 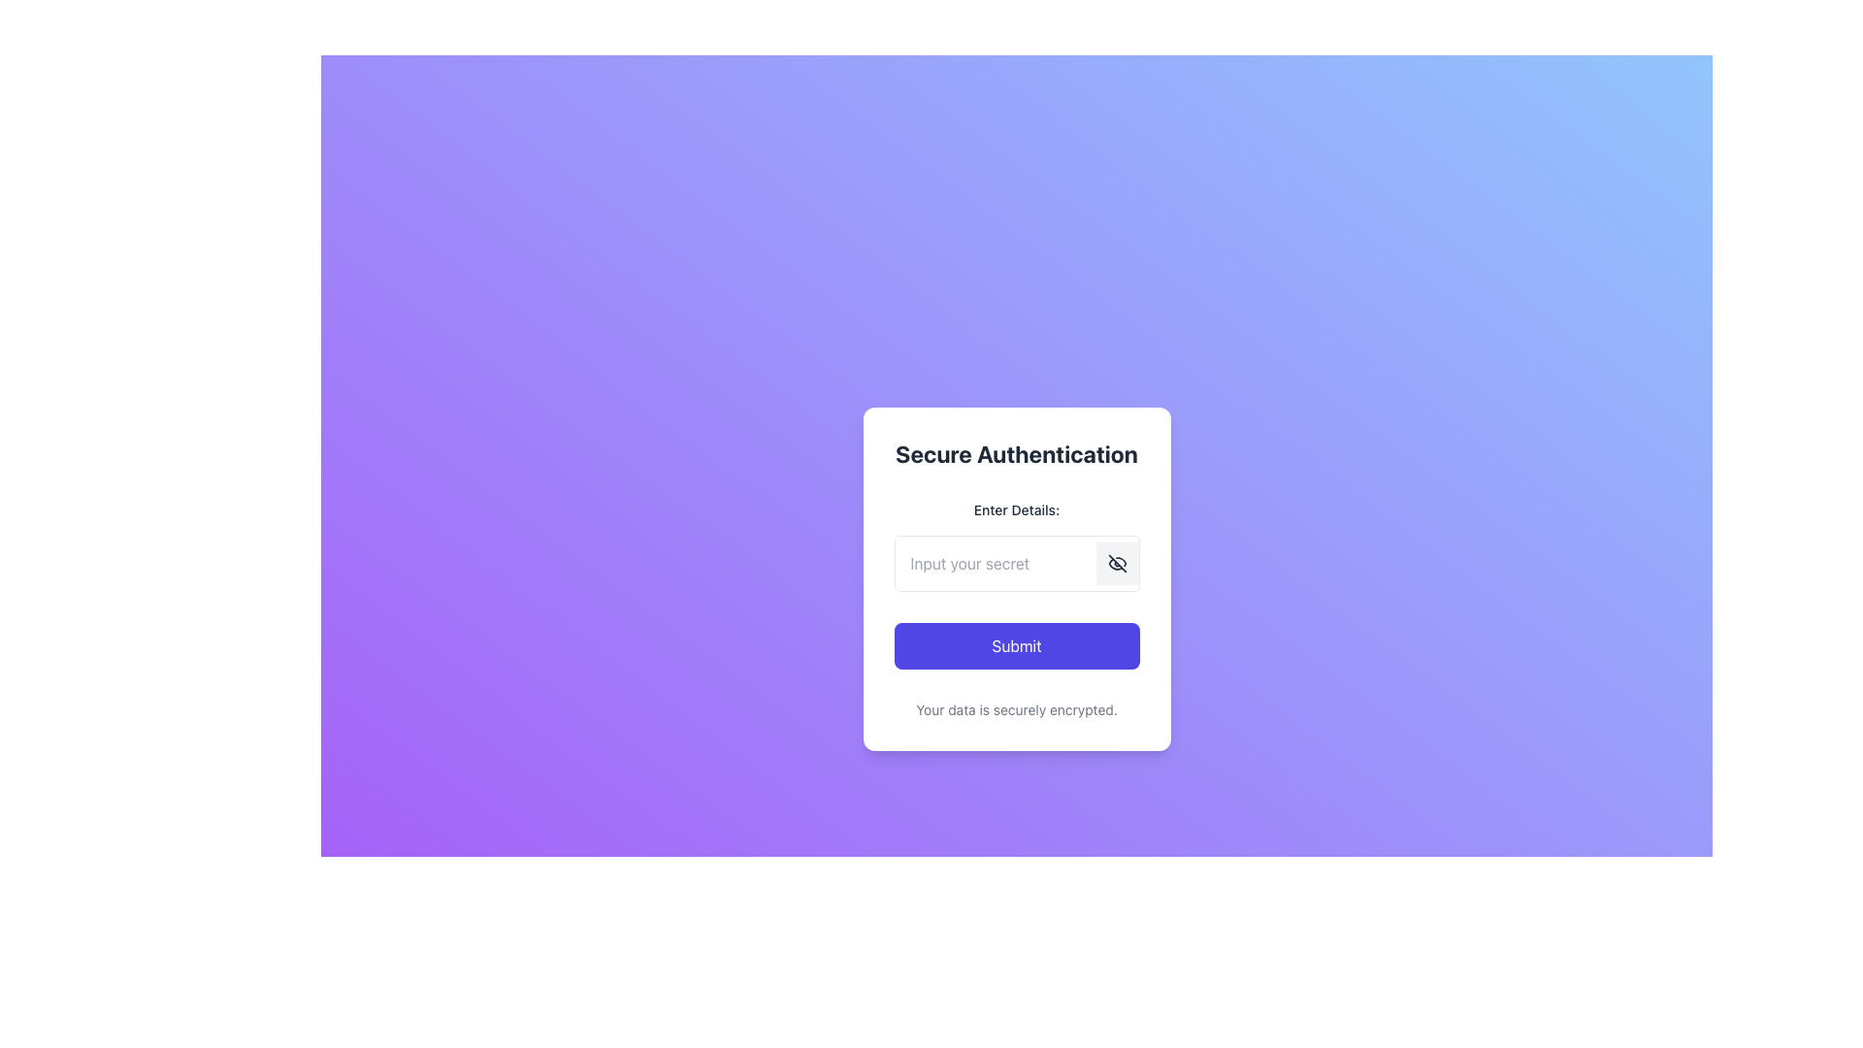 What do you see at coordinates (1117, 564) in the screenshot?
I see `the eye icon in the authentication form` at bounding box center [1117, 564].